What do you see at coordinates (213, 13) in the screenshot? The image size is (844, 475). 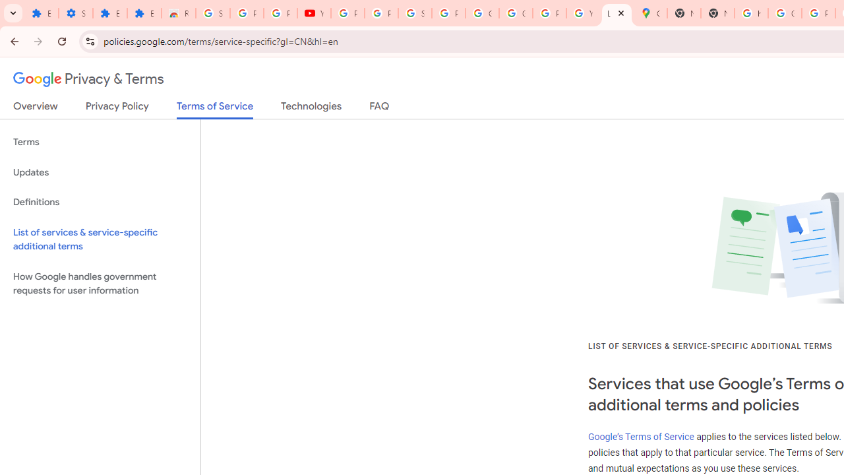 I see `'Sign in - Google Accounts'` at bounding box center [213, 13].